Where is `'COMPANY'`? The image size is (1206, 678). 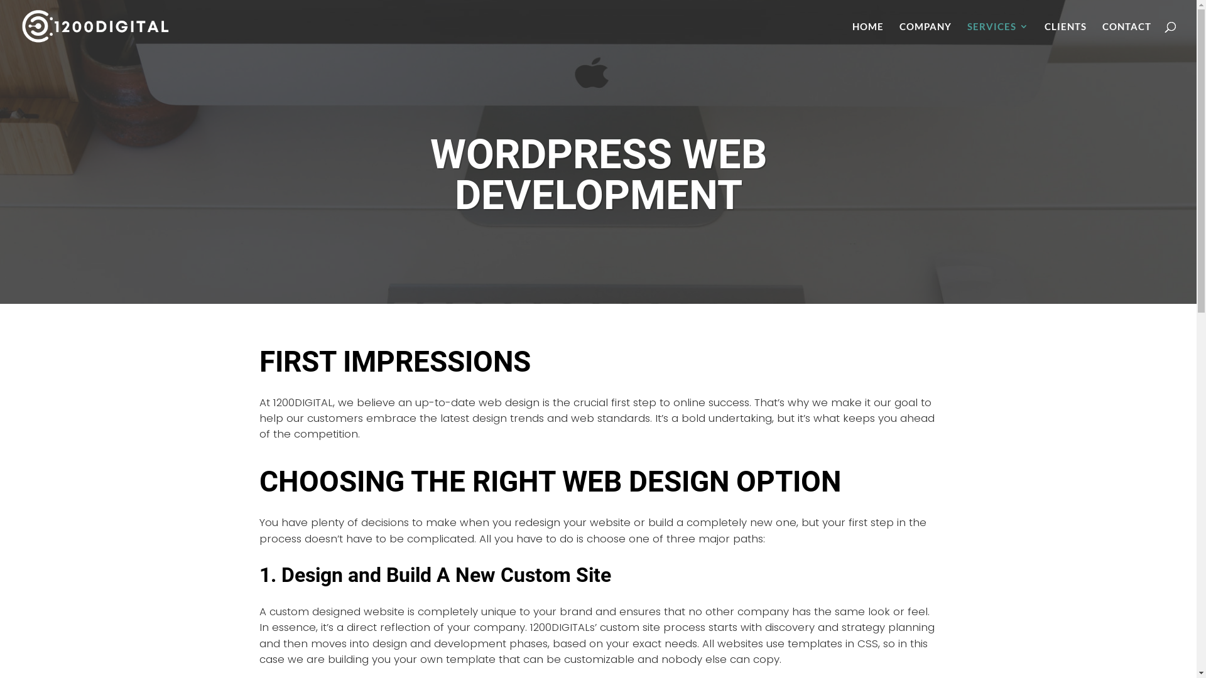 'COMPANY' is located at coordinates (925, 36).